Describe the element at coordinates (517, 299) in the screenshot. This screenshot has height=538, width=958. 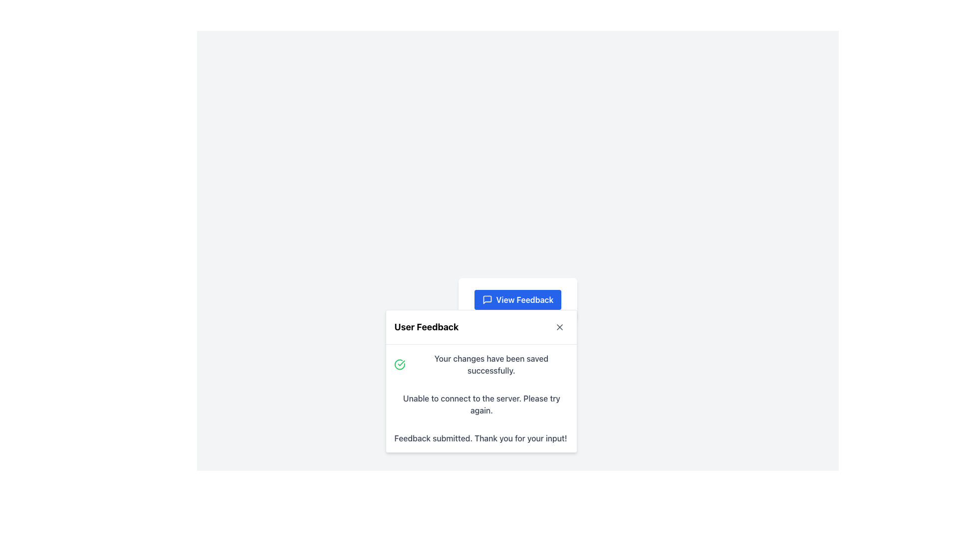
I see `the rectangular button with a blue background and white text reading 'View Feedback', located at the top-middle of a white card` at that location.